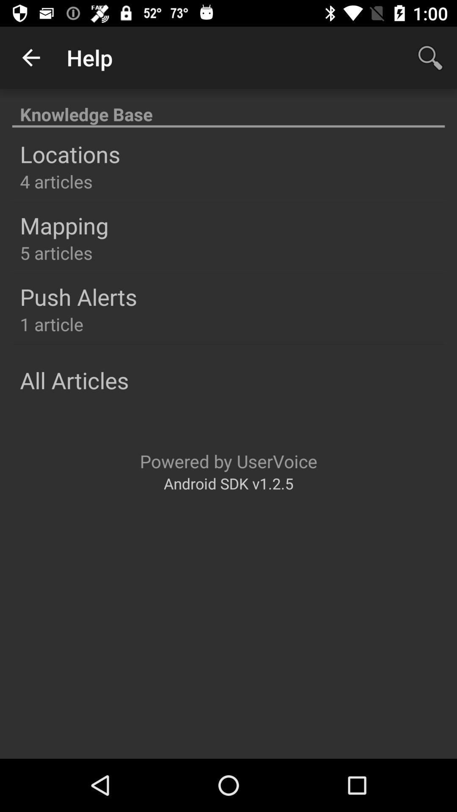 The image size is (457, 812). Describe the element at coordinates (63, 225) in the screenshot. I see `item above 5 articles item` at that location.